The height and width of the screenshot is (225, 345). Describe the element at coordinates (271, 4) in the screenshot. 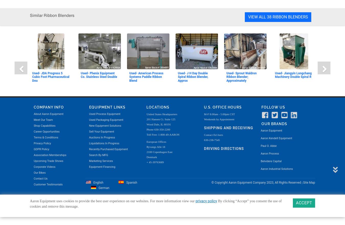

I see `'Belvidere Capital'` at that location.